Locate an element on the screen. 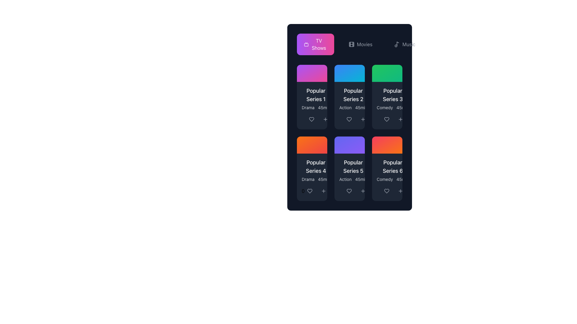  the centrally placed play button with a gradient orange background to begin media playback is located at coordinates (387, 145).